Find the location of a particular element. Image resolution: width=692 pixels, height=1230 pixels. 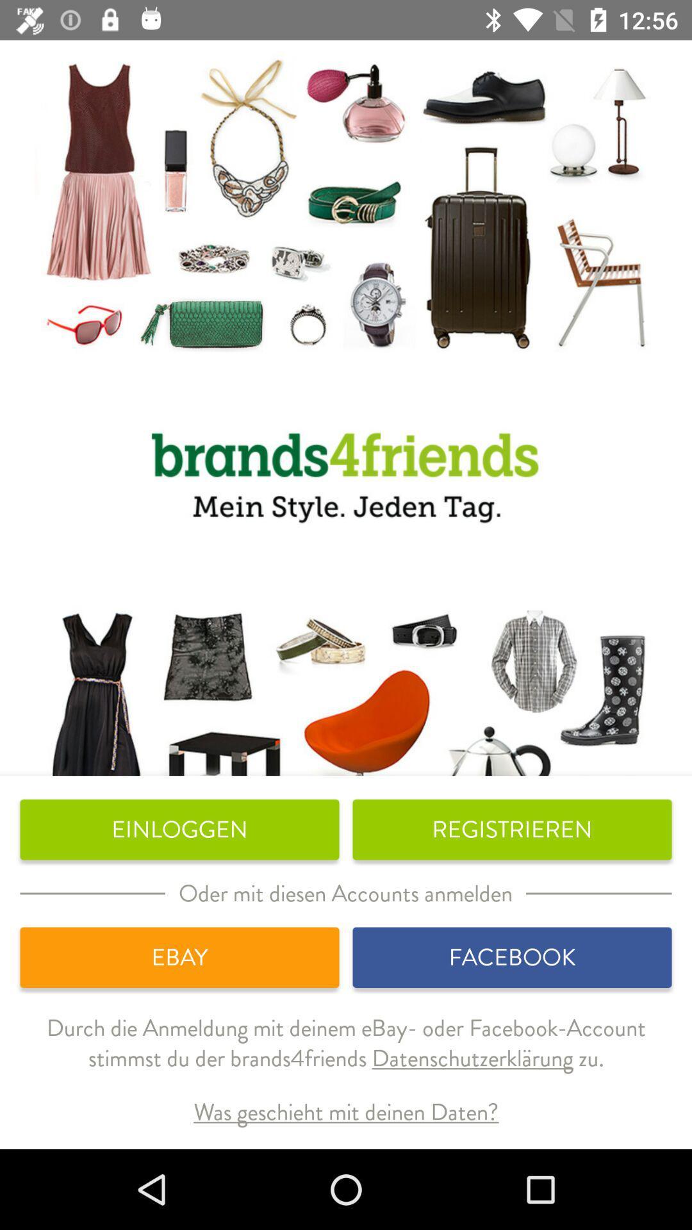

icon below ebay is located at coordinates (346, 1053).